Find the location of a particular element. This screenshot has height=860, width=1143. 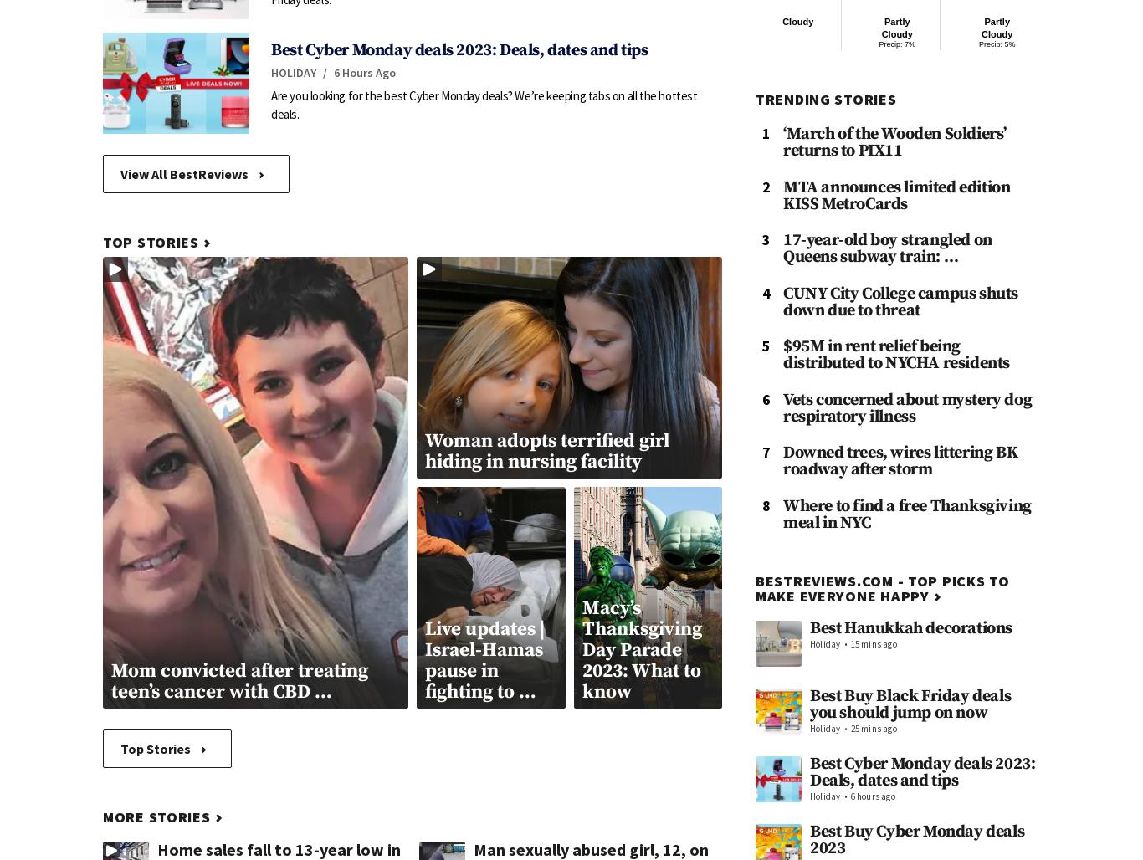

'CUNY City College campus shuts down due to threat' is located at coordinates (900, 300).